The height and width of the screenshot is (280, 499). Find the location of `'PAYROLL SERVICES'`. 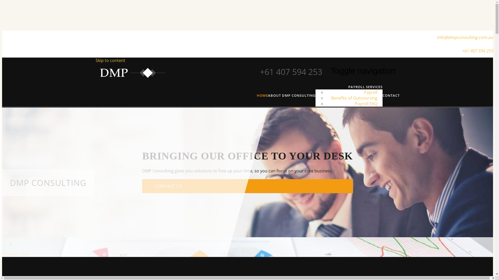

'PAYROLL SERVICES' is located at coordinates (365, 87).